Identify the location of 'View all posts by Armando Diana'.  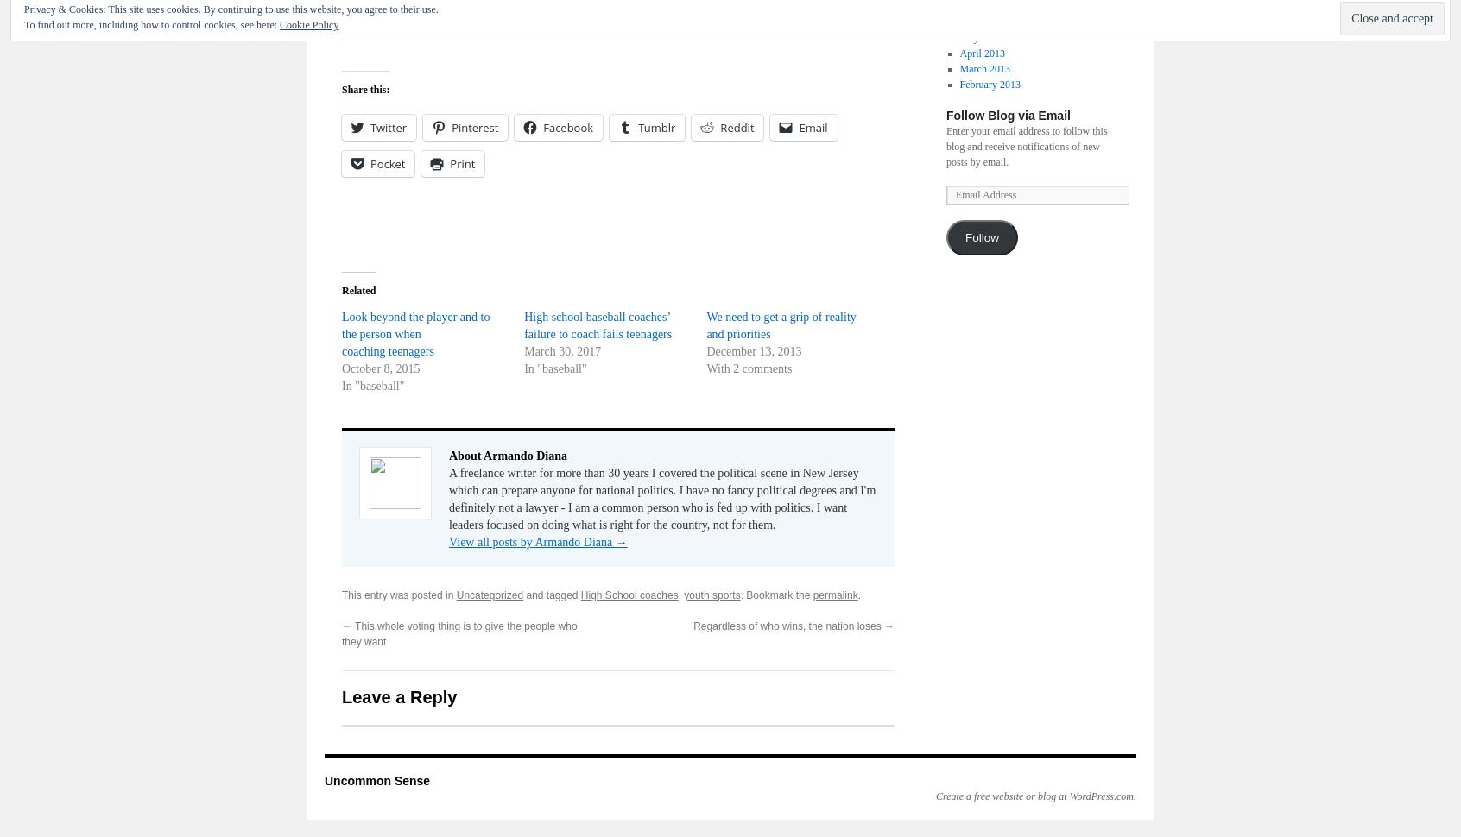
(531, 542).